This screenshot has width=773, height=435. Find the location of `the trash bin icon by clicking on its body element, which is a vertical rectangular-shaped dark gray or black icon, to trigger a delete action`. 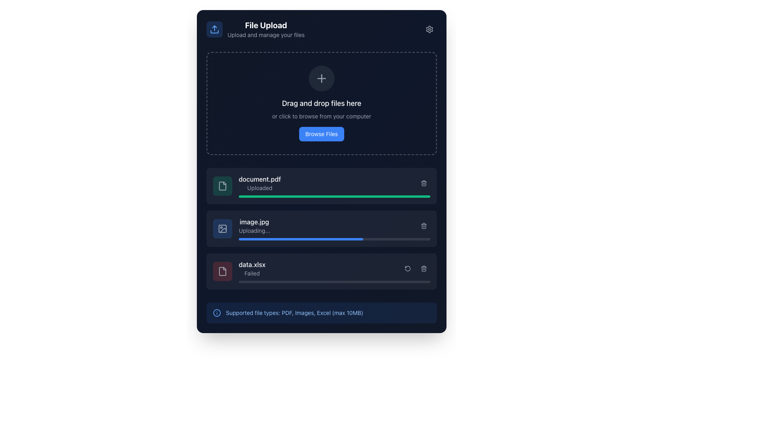

the trash bin icon by clicking on its body element, which is a vertical rectangular-shaped dark gray or black icon, to trigger a delete action is located at coordinates (423, 226).